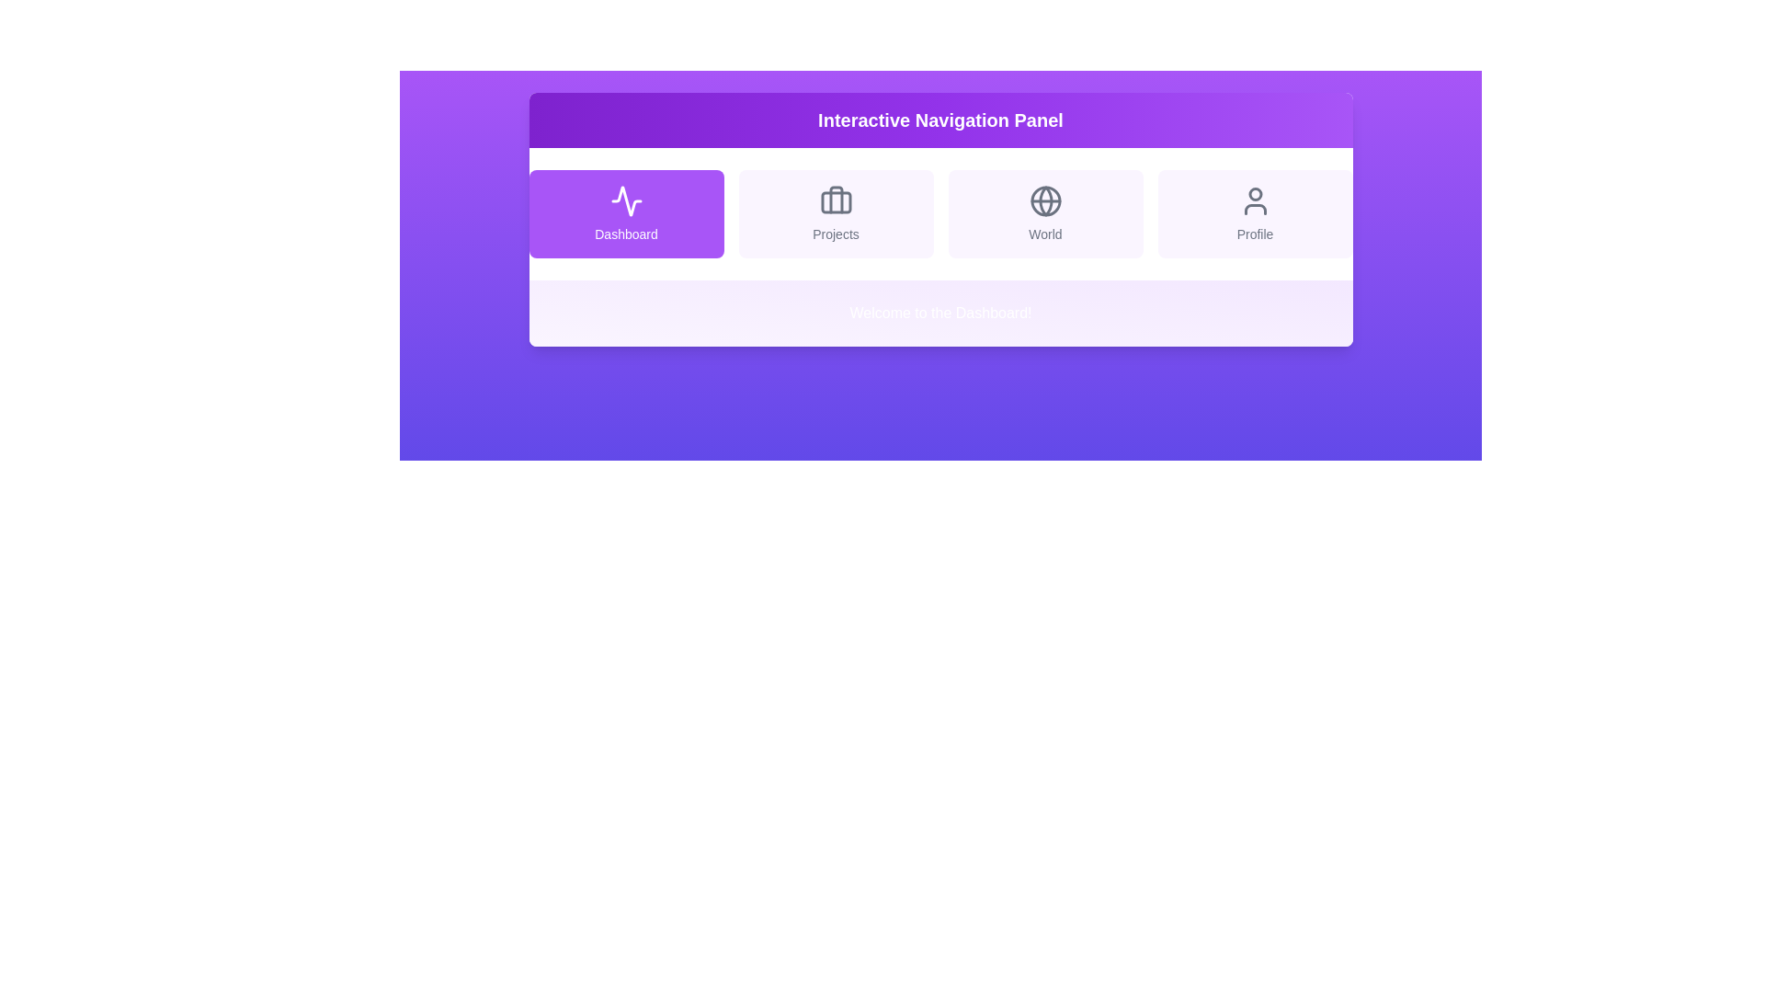 The image size is (1765, 993). I want to click on the interactive button that navigates to the 'World' section, located in the third position of a horizontal grid of four items, so click(1045, 212).